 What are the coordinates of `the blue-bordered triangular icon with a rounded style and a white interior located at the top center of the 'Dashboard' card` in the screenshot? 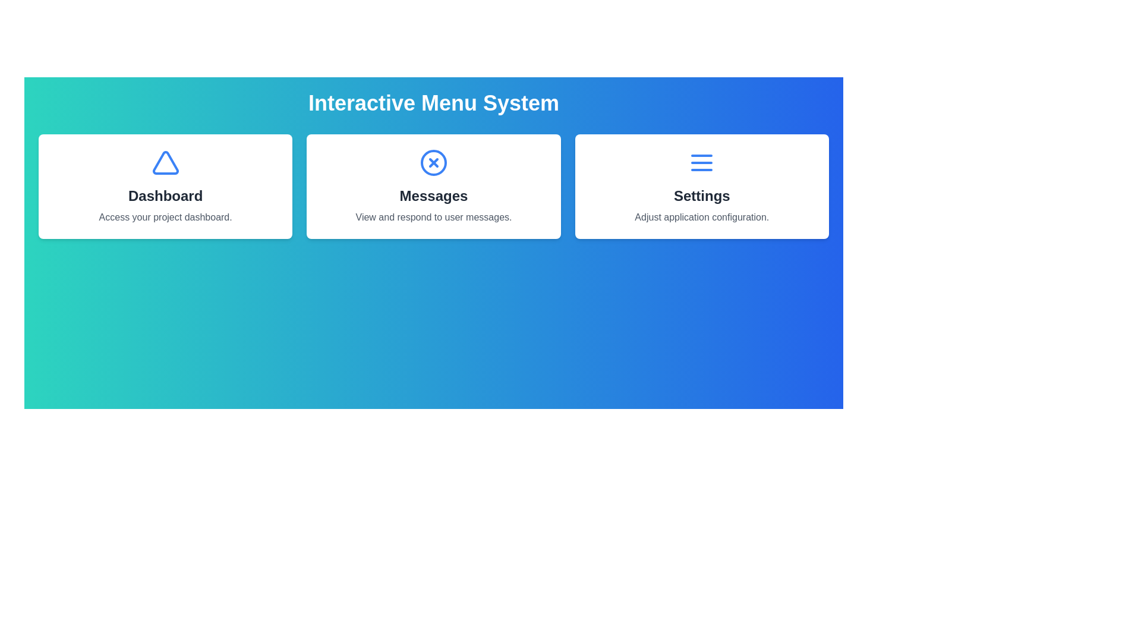 It's located at (165, 162).